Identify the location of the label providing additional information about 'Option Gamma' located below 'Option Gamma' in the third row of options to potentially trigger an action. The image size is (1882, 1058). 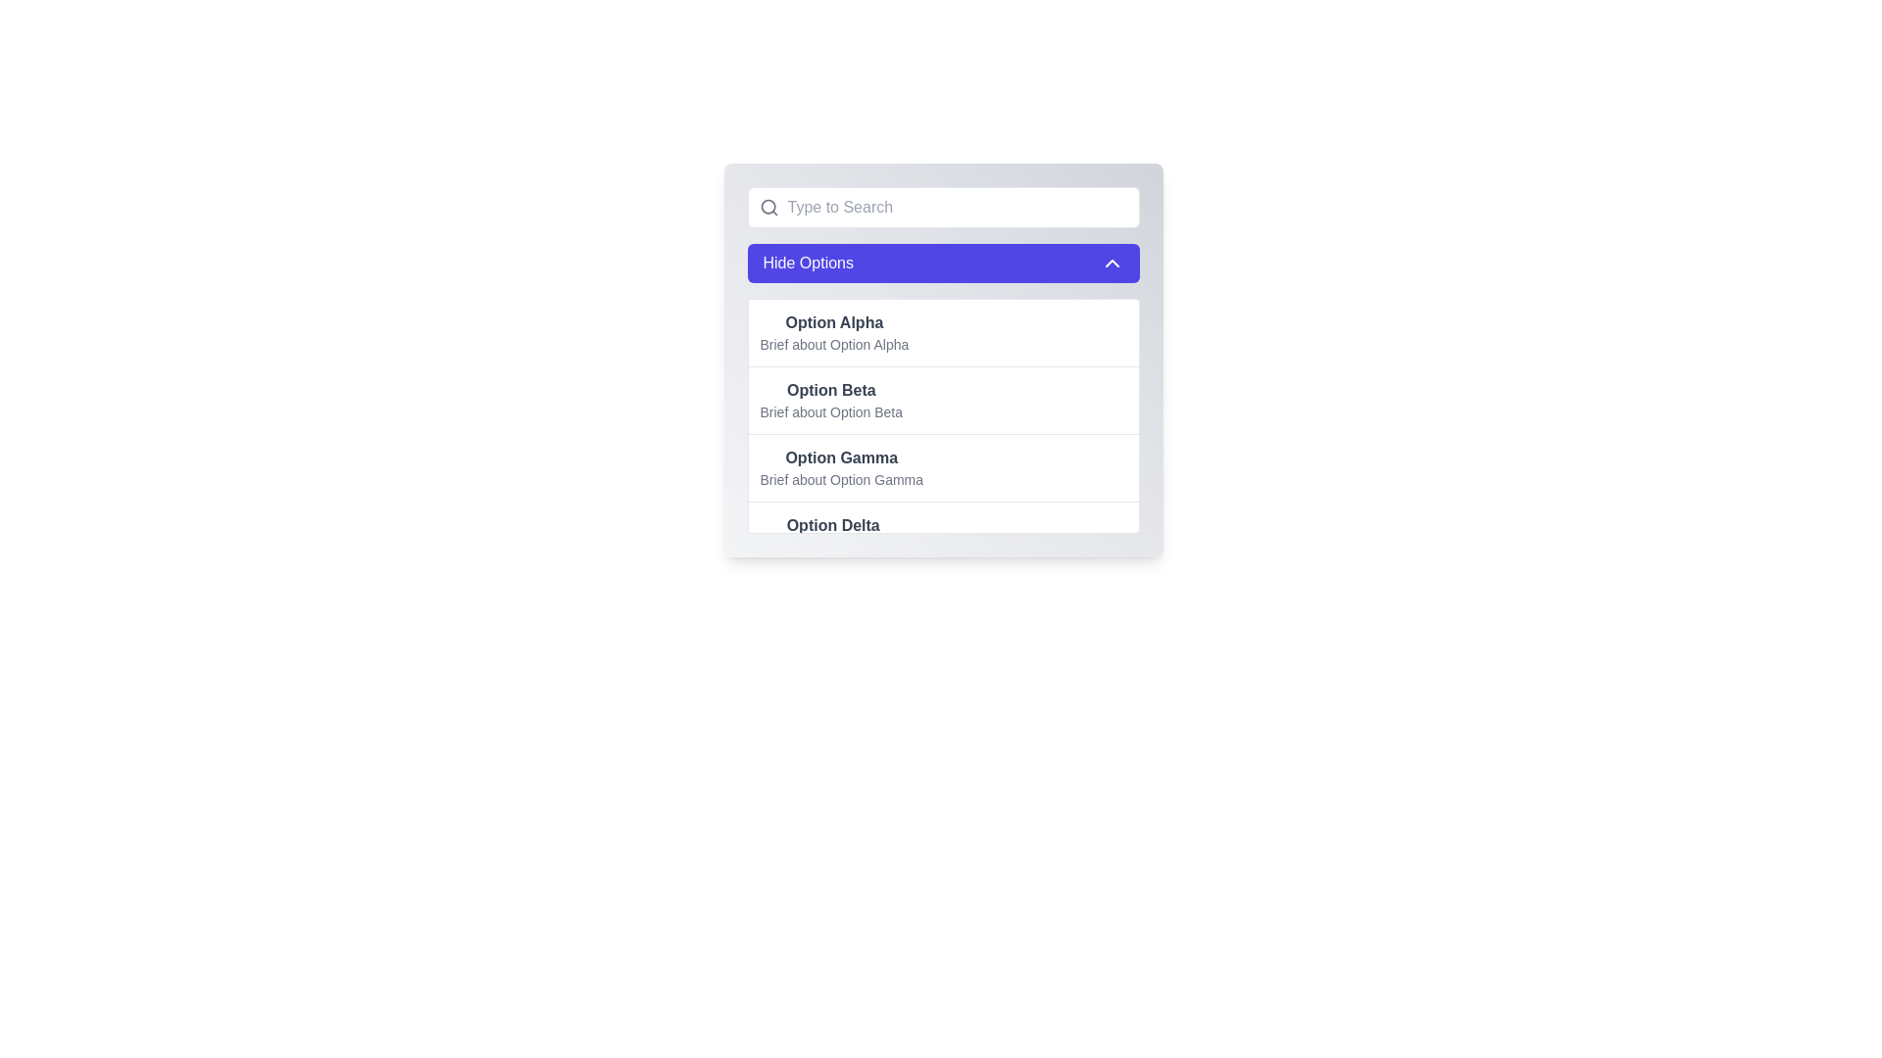
(841, 479).